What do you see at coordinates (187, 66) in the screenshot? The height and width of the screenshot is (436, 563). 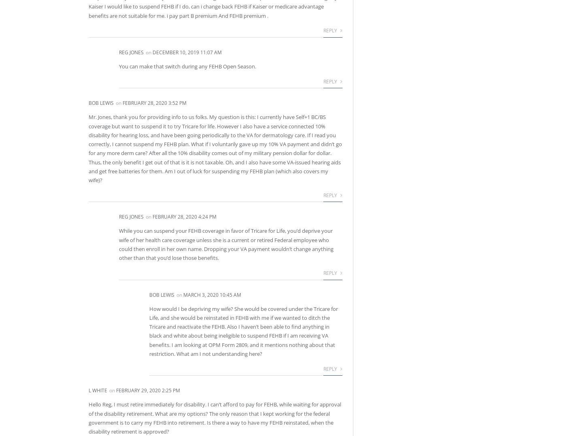 I see `'You can make that switch during any FEHB Open Season.'` at bounding box center [187, 66].